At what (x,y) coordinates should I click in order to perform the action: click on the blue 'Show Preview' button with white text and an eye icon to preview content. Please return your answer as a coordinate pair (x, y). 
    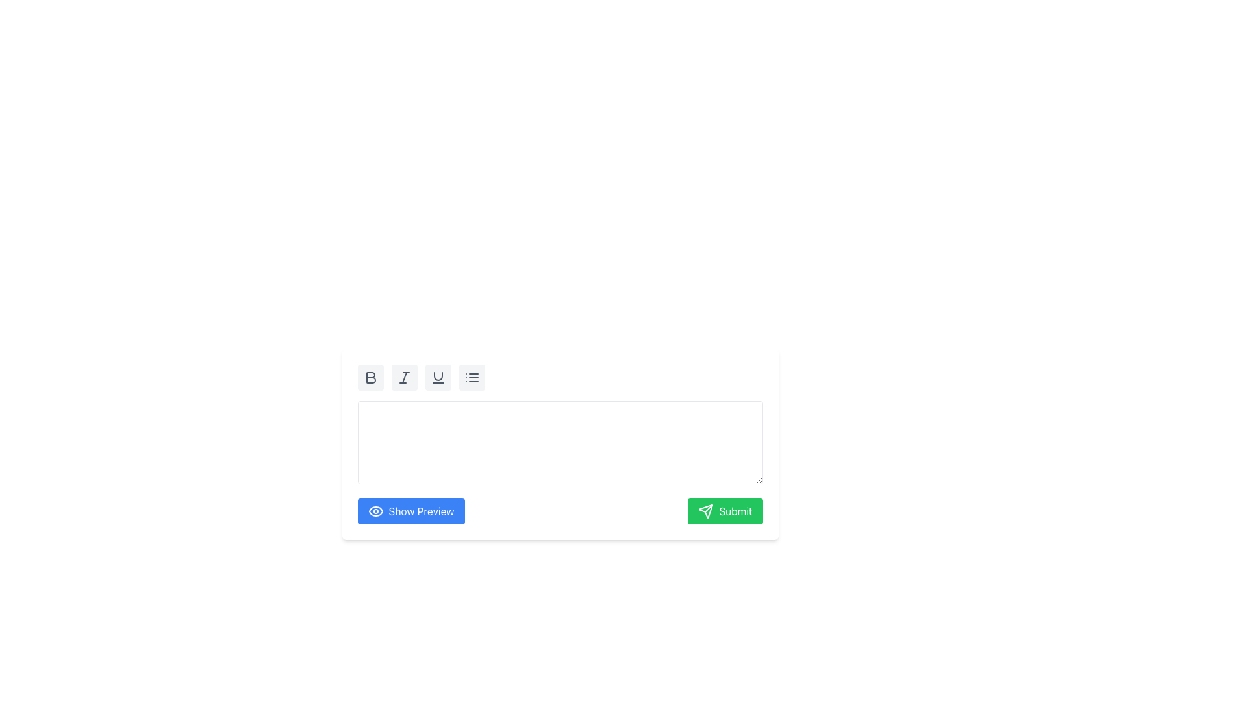
    Looking at the image, I should click on (410, 510).